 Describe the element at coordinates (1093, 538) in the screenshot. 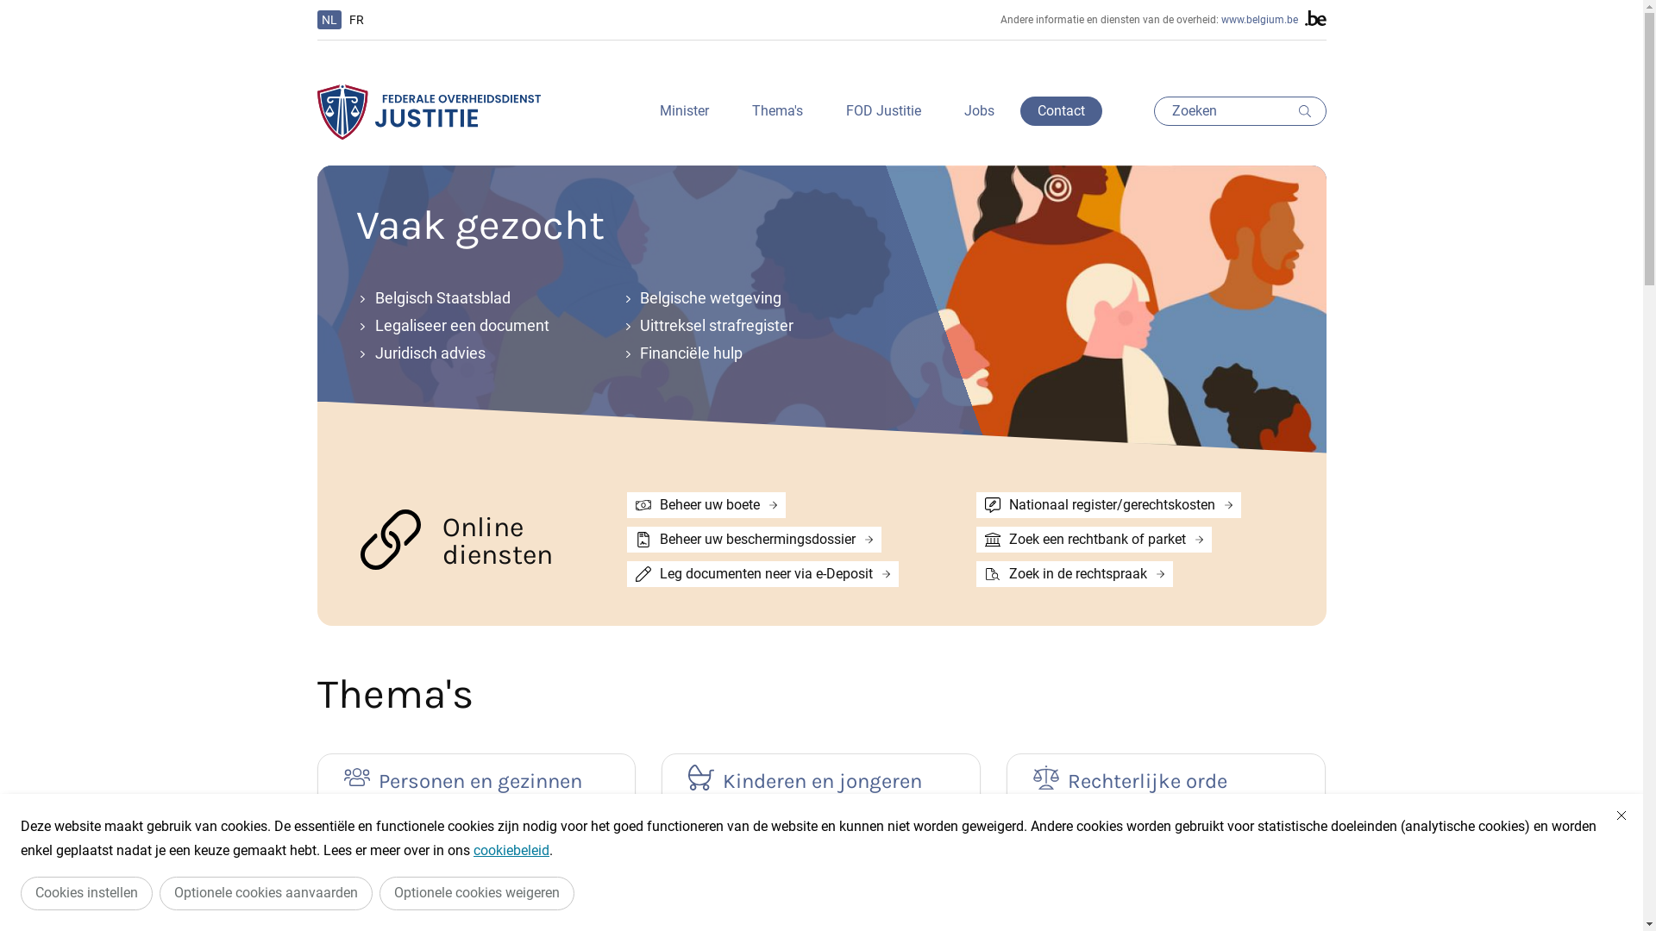

I see `'Zoek een rechtbank of parket'` at that location.